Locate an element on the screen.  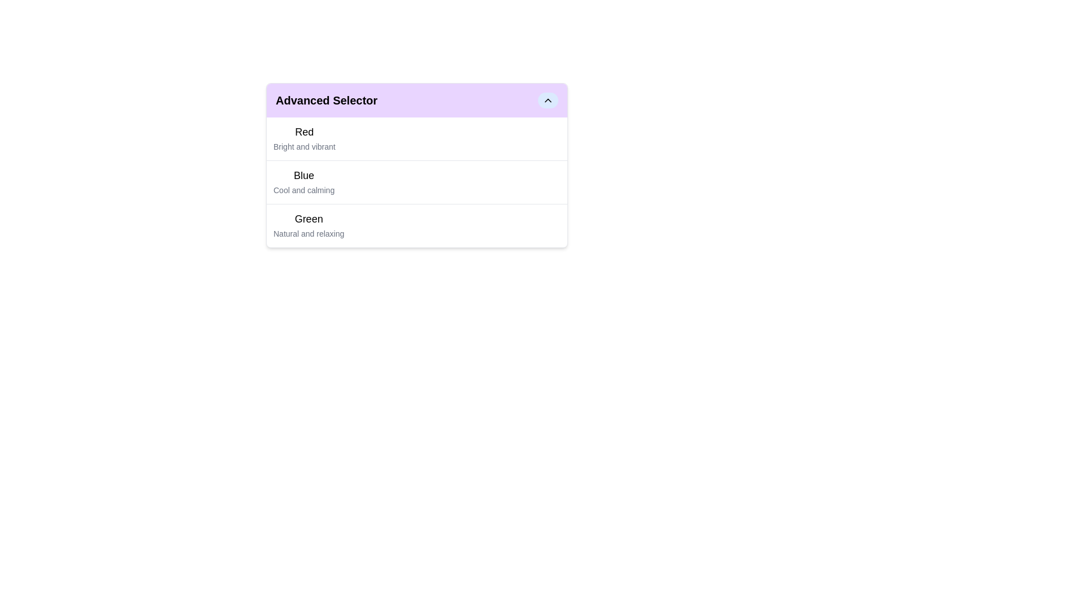
the informational text label located below the 'Green' title in the Advanced Selector component is located at coordinates (309, 233).